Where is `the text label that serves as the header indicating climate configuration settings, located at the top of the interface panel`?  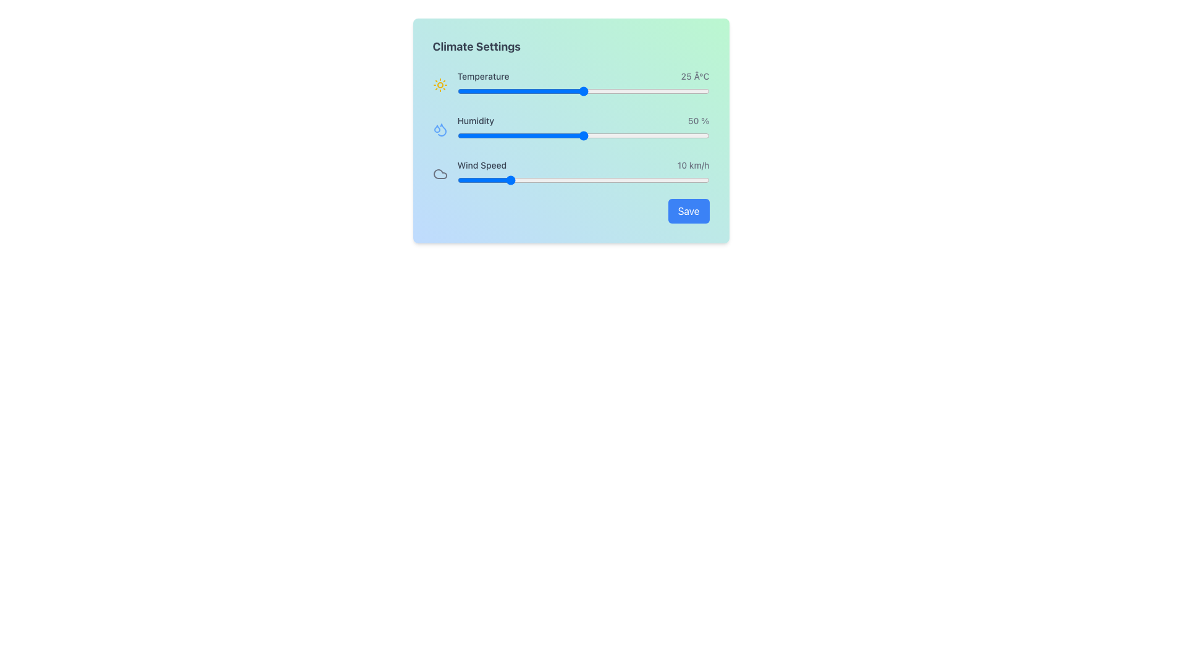
the text label that serves as the header indicating climate configuration settings, located at the top of the interface panel is located at coordinates (476, 46).